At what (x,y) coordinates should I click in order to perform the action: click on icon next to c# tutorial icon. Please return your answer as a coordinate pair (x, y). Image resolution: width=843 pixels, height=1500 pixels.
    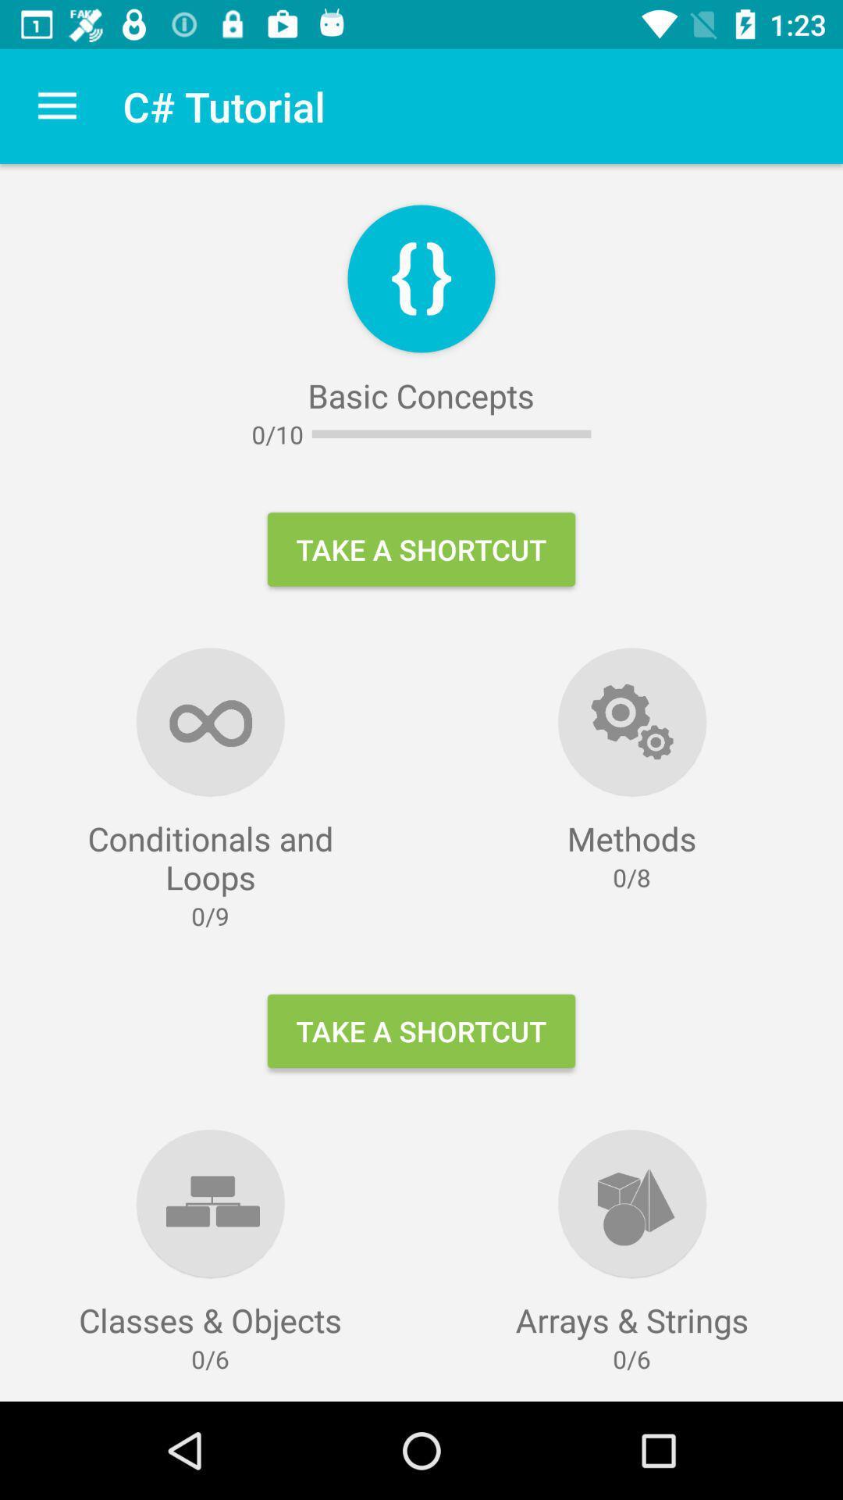
    Looking at the image, I should click on (56, 105).